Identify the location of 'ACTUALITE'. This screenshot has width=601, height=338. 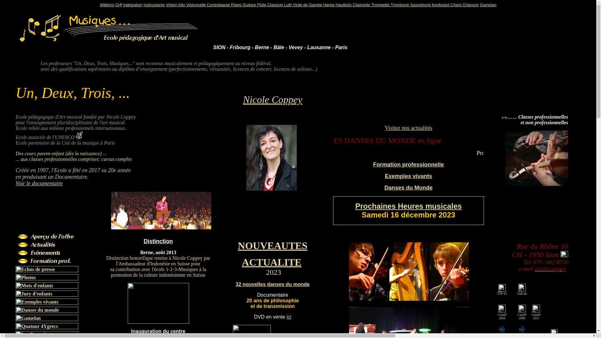
(241, 262).